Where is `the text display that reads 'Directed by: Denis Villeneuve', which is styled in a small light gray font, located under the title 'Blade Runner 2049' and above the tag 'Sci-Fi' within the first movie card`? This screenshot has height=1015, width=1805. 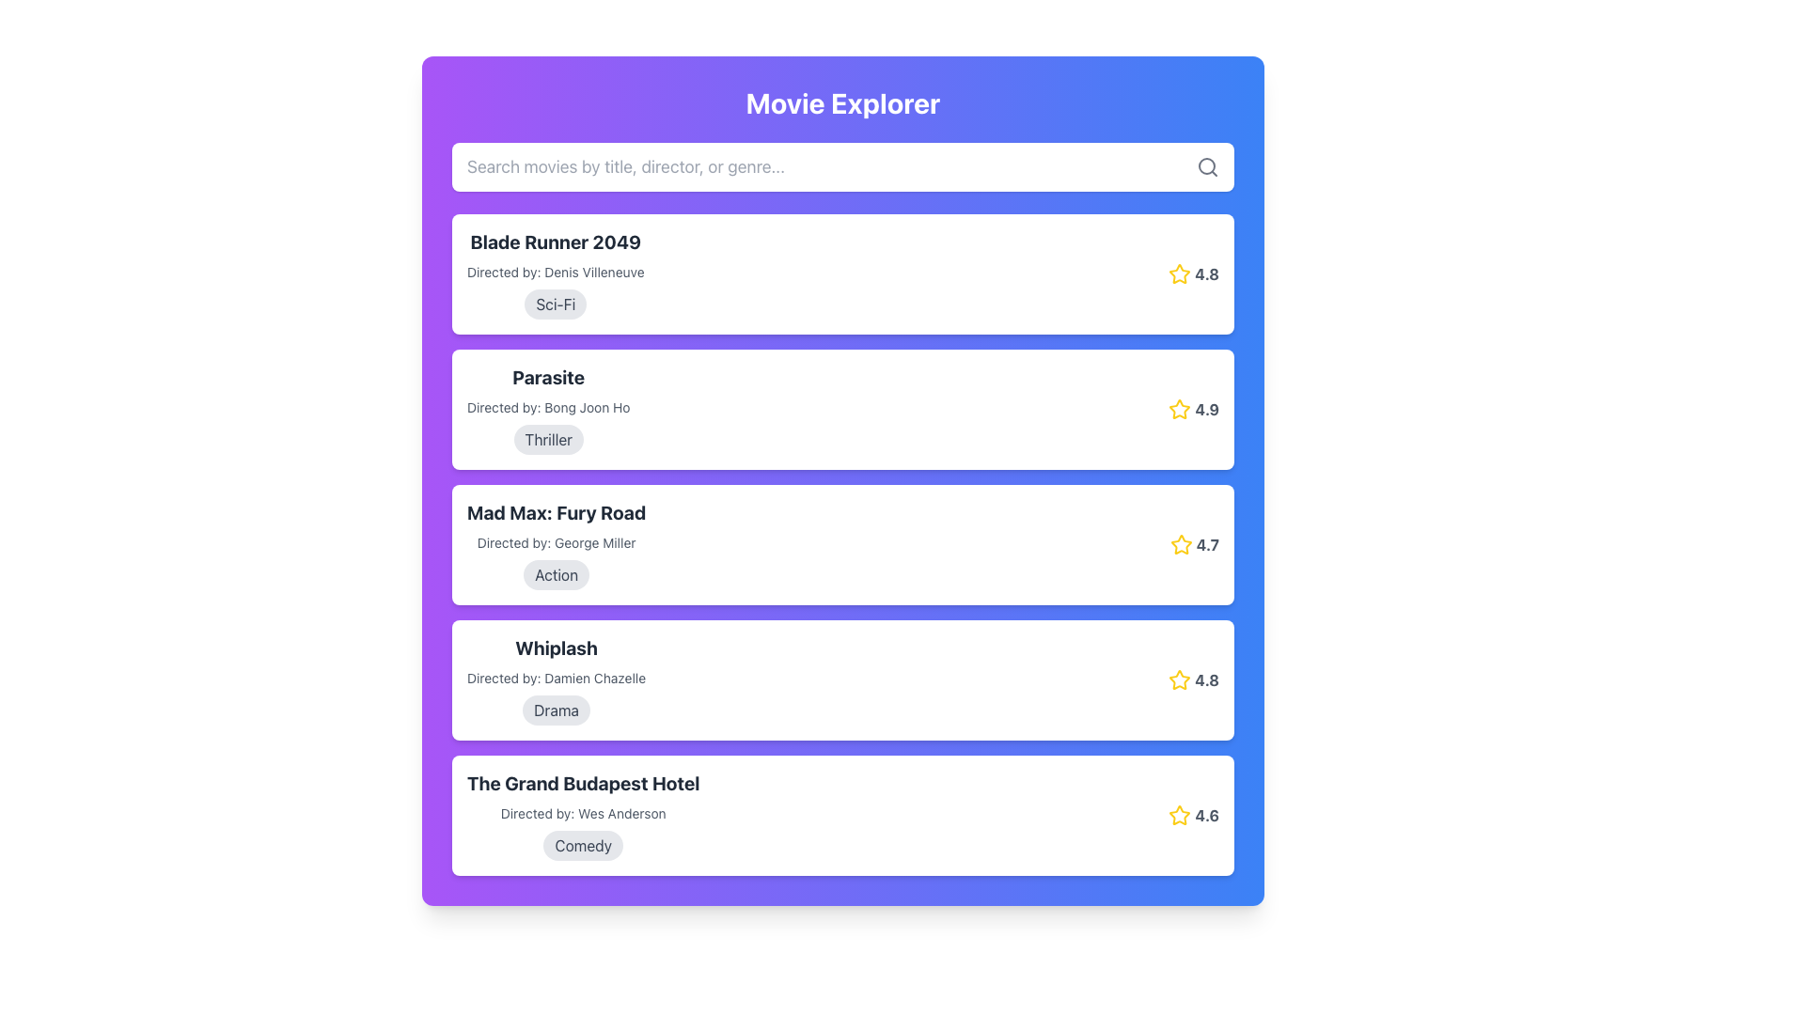
the text display that reads 'Directed by: Denis Villeneuve', which is styled in a small light gray font, located under the title 'Blade Runner 2049' and above the tag 'Sci-Fi' within the first movie card is located at coordinates (555, 272).